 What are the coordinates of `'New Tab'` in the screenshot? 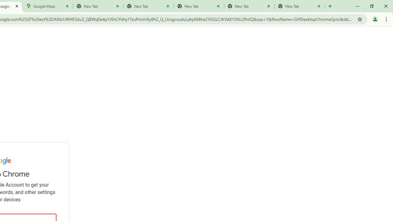 It's located at (300, 6).